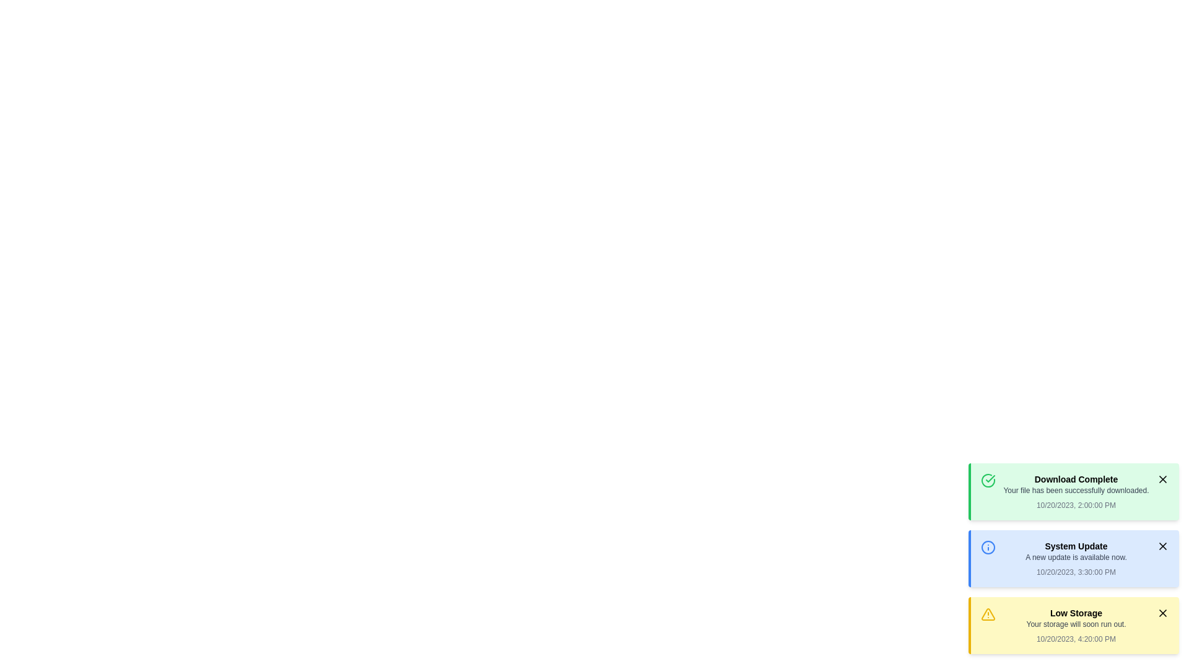 Image resolution: width=1189 pixels, height=669 pixels. I want to click on the text label that indicates successful completion of a file download, located within the first notification card, below the title 'Download Complete.', so click(1075, 489).